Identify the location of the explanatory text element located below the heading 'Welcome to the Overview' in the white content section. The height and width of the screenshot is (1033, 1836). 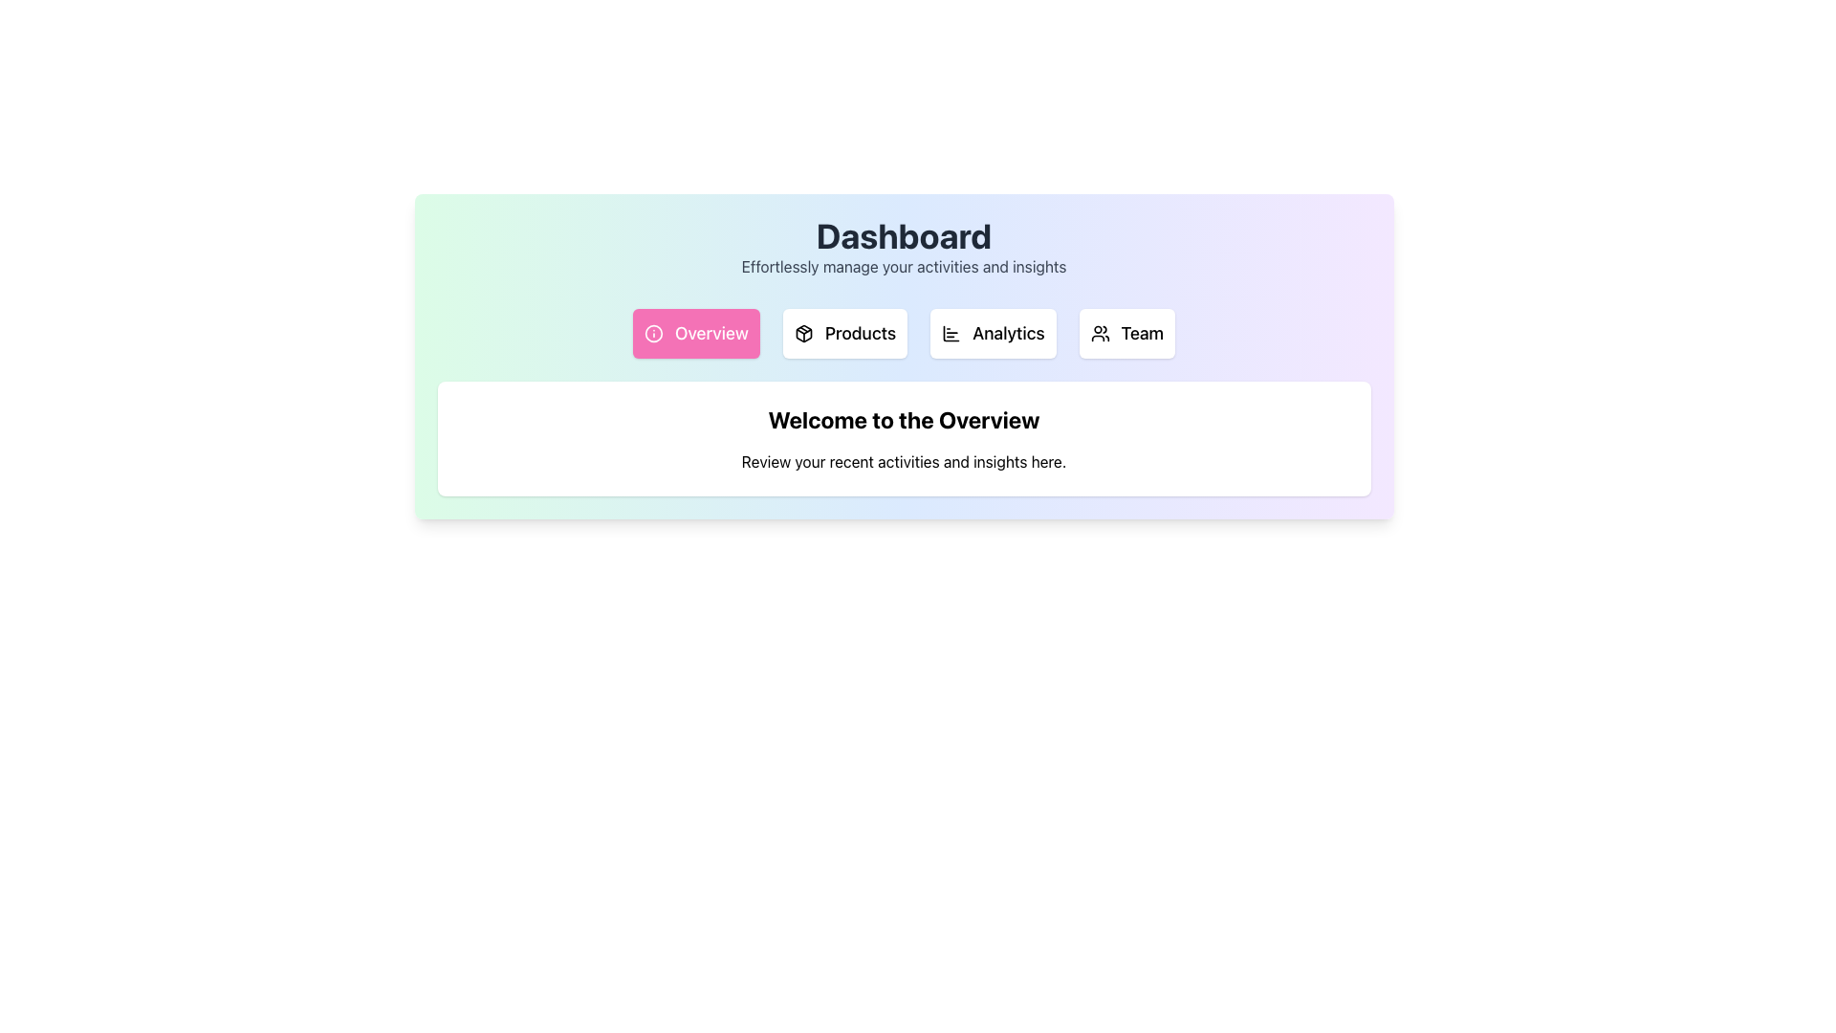
(903, 461).